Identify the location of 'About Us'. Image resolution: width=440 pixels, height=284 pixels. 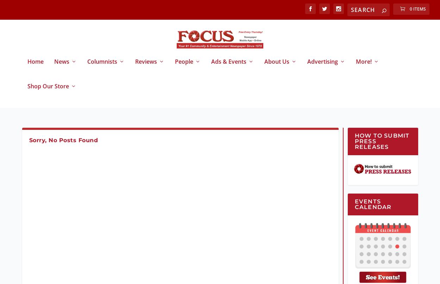
(276, 67).